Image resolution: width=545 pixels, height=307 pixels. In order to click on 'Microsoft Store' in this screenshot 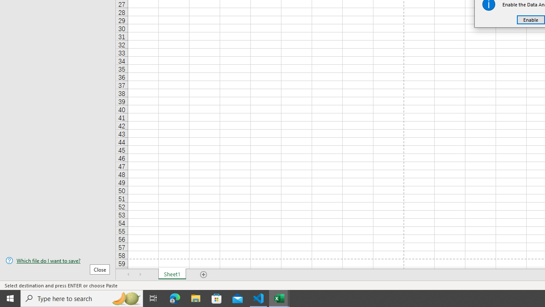, I will do `click(217, 298)`.